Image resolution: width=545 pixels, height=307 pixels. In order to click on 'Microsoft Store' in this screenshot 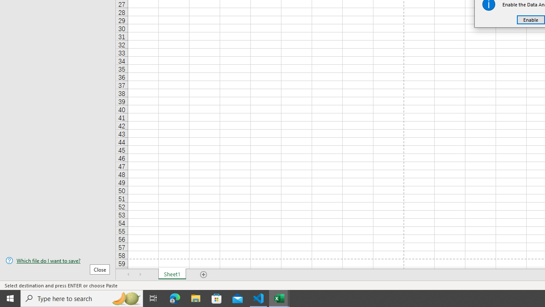, I will do `click(217, 298)`.